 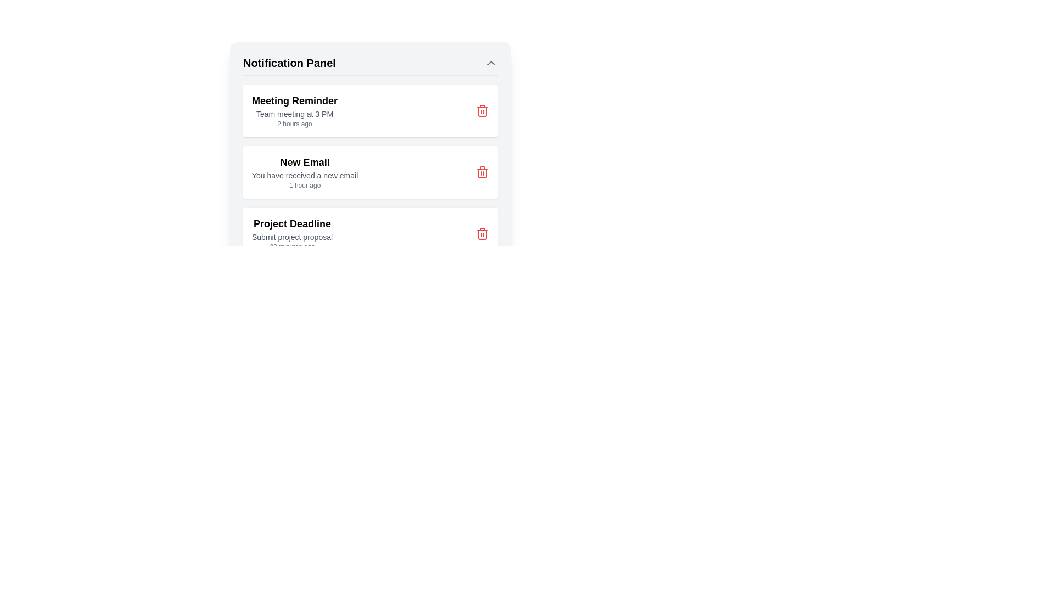 What do you see at coordinates (371, 130) in the screenshot?
I see `details of the notification card titled 'Meeting Reminder' which includes the description 'Team meeting at 3 PM' and the timestamp '2 hours ago'` at bounding box center [371, 130].